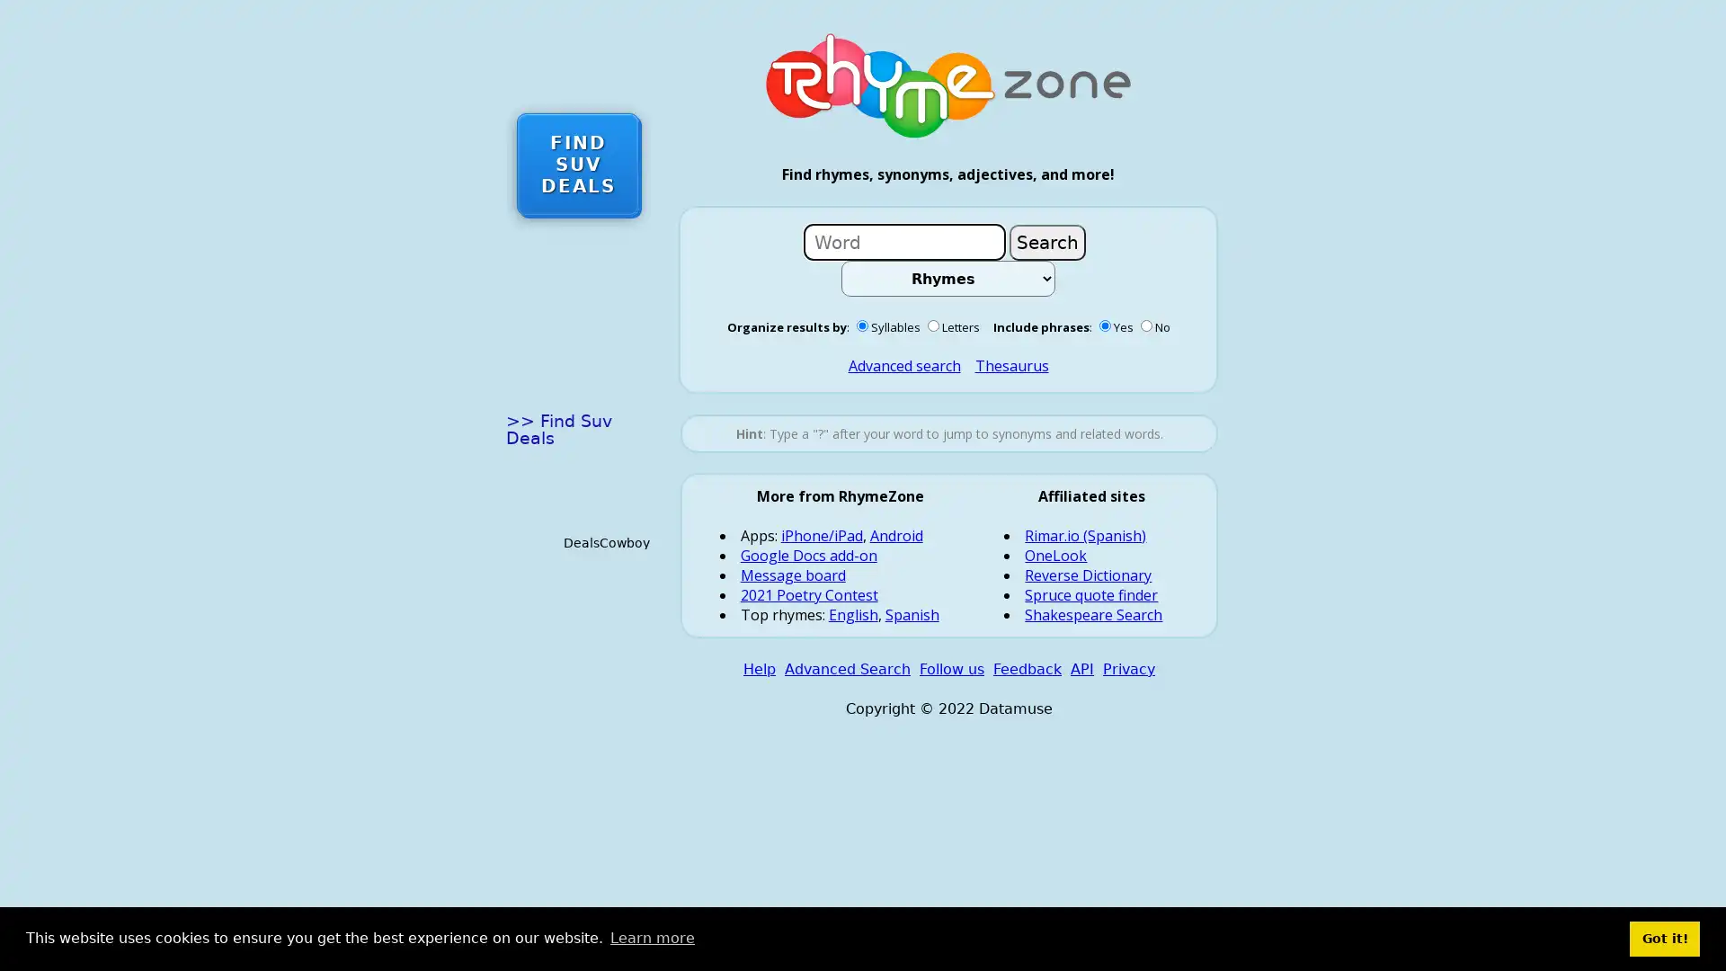 Image resolution: width=1726 pixels, height=971 pixels. I want to click on learn more about cookies, so click(651, 938).